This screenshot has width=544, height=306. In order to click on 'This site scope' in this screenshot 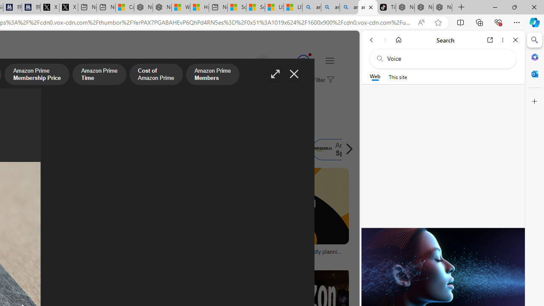, I will do `click(397, 76)`.